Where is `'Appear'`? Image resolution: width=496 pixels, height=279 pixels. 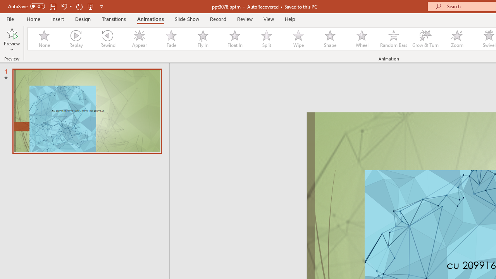
'Appear' is located at coordinates (139, 39).